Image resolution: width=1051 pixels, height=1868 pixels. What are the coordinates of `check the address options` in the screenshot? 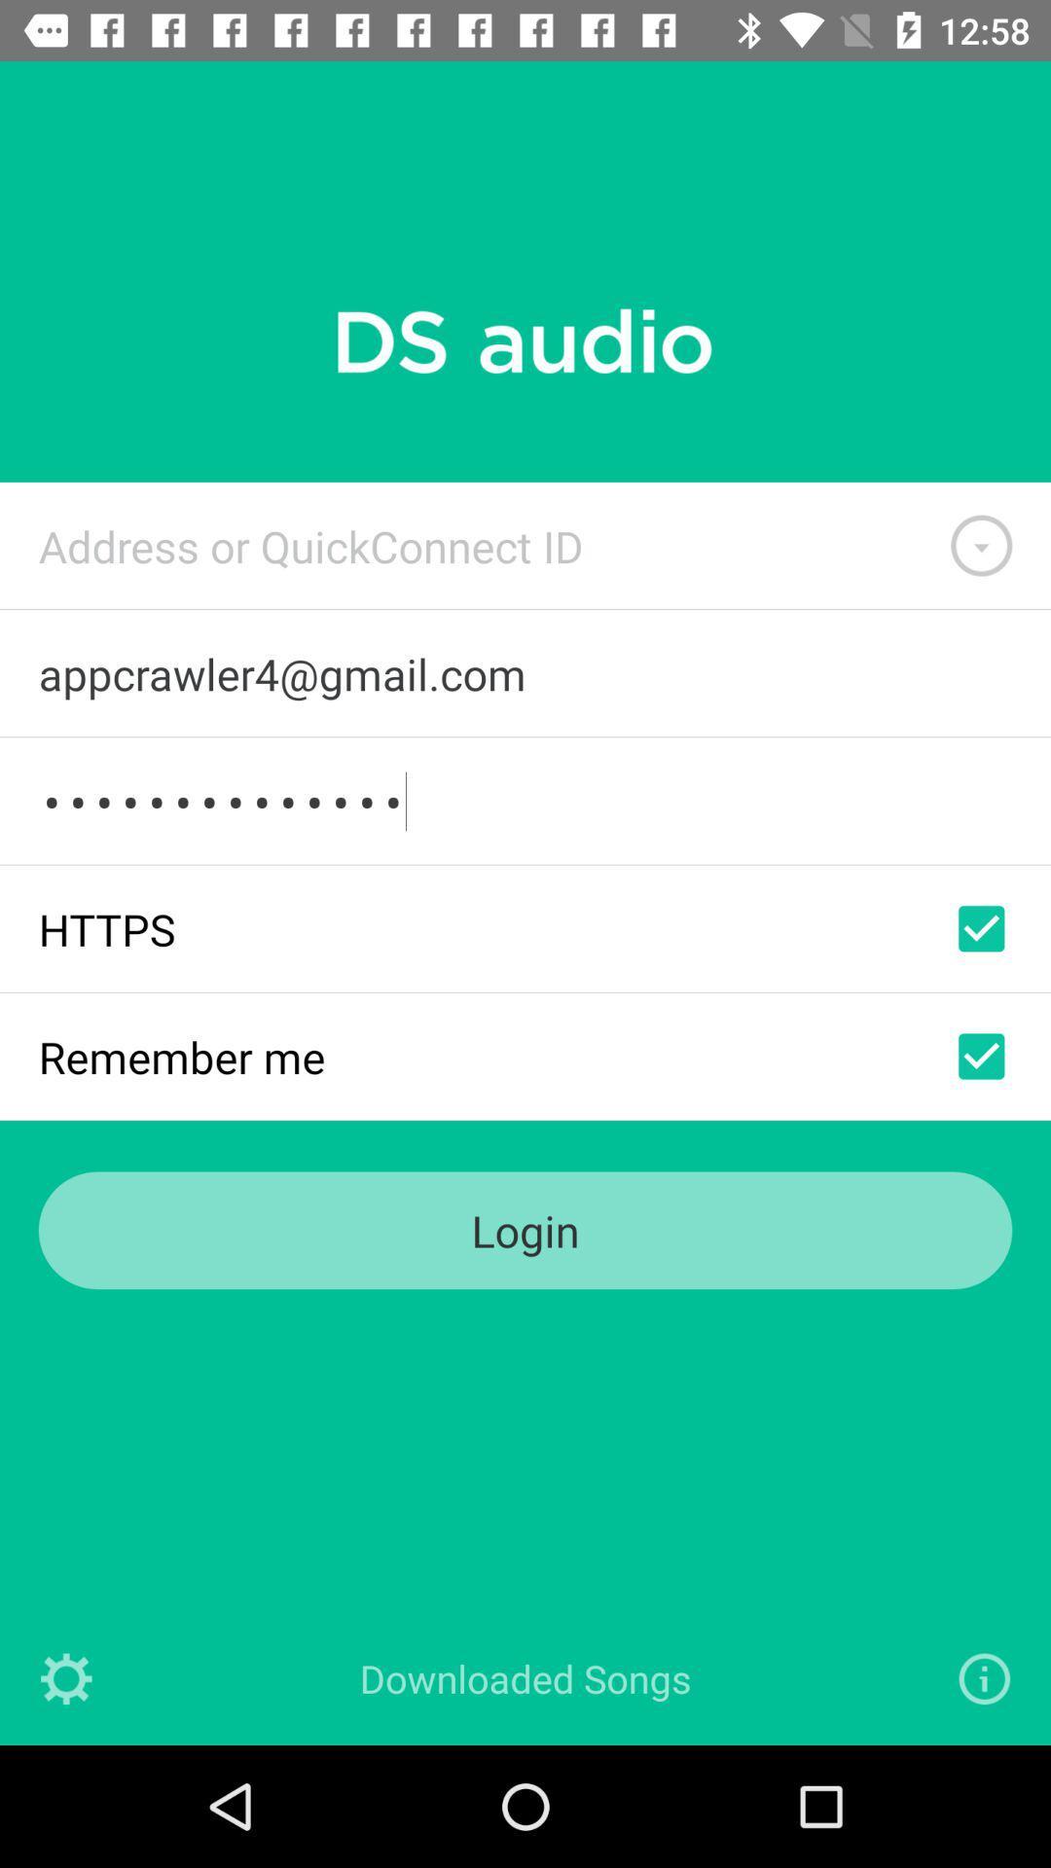 It's located at (981, 545).